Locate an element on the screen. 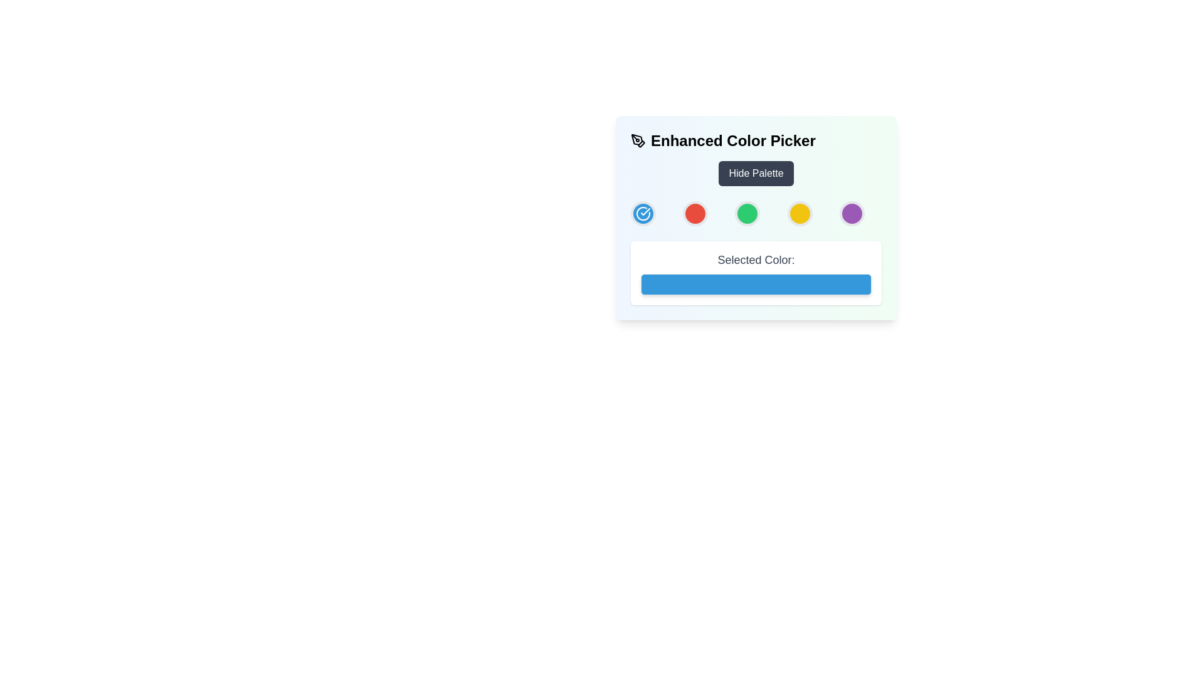 The width and height of the screenshot is (1204, 677). the circular button for selecting the green color in the Enhanced Color Picker interface is located at coordinates (747, 213).